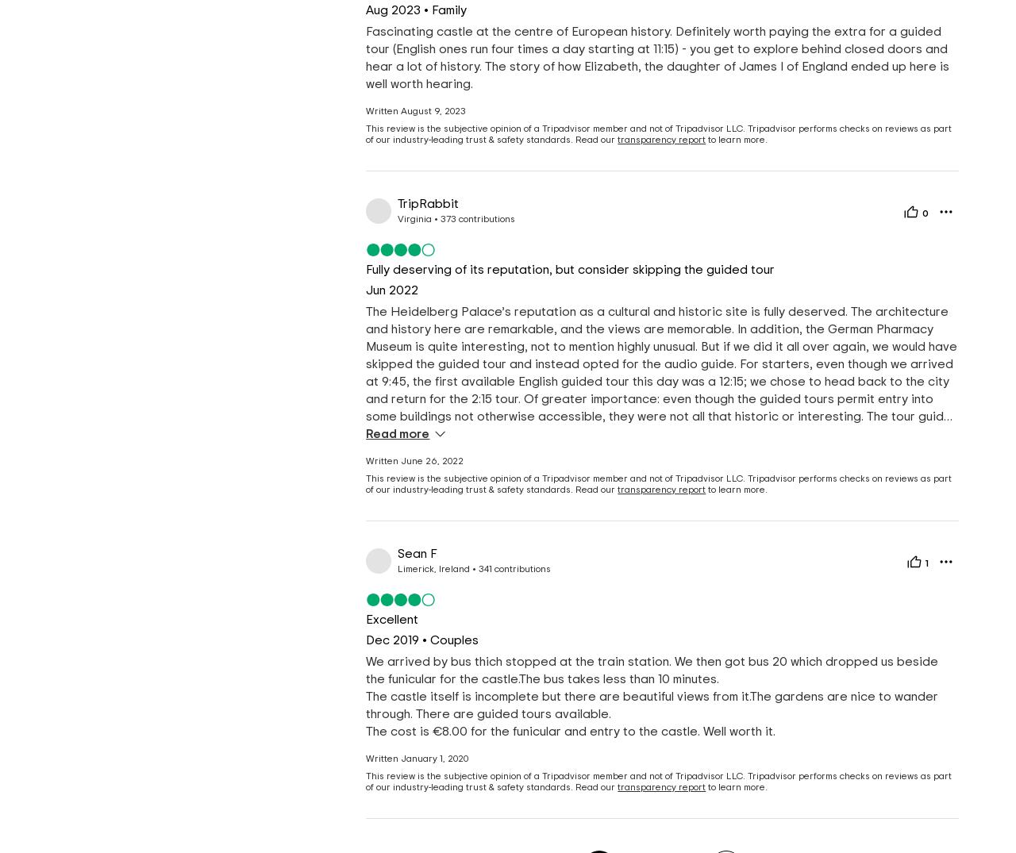 This screenshot has width=1016, height=853. What do you see at coordinates (391, 290) in the screenshot?
I see `'Jun 2022'` at bounding box center [391, 290].